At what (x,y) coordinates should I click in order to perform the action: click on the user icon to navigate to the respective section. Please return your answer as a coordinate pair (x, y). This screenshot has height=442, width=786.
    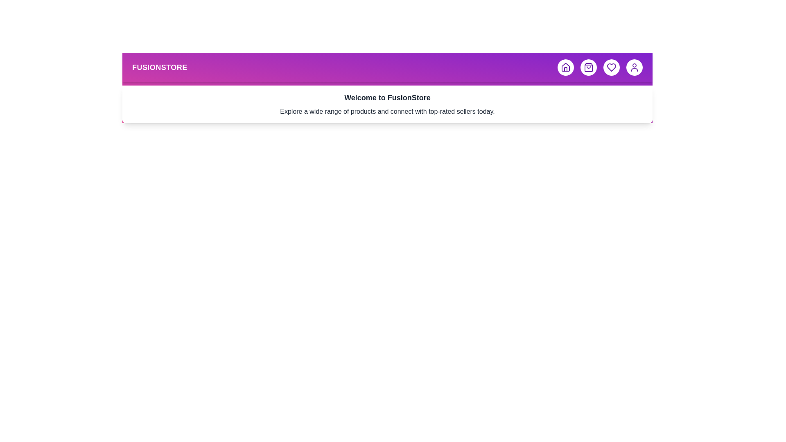
    Looking at the image, I should click on (634, 67).